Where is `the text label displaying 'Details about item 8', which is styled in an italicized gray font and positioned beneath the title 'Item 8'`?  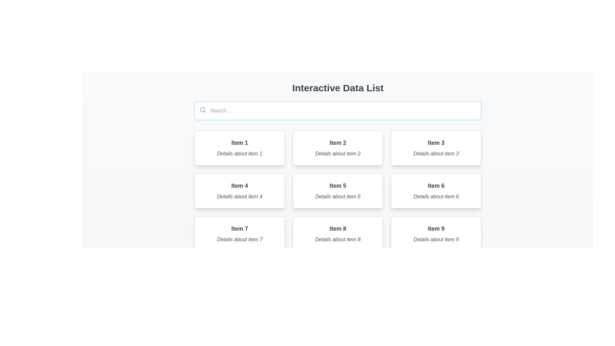 the text label displaying 'Details about item 8', which is styled in an italicized gray font and positioned beneath the title 'Item 8' is located at coordinates (338, 240).